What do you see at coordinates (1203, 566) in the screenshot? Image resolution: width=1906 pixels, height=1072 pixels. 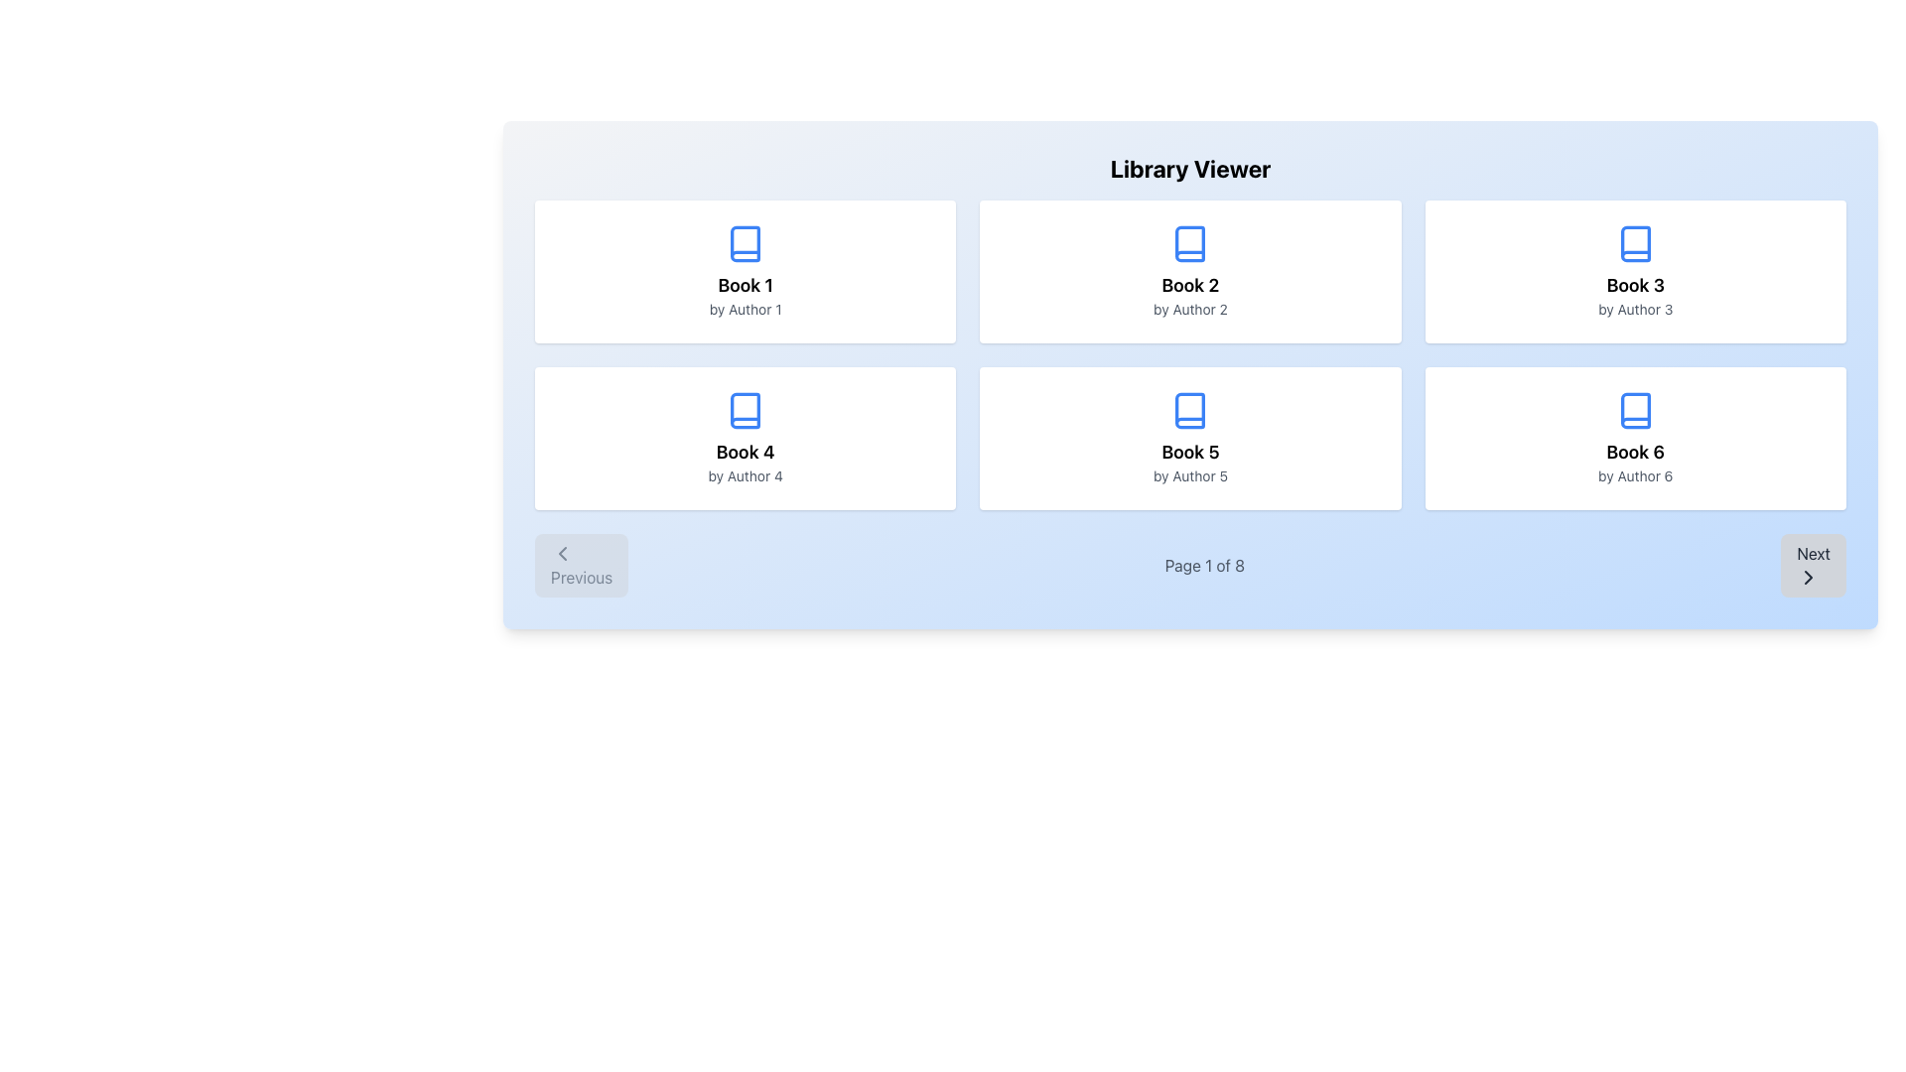 I see `the Static Text label displaying 'Page 1 of 8' located in the pagination controls, positioned centrally between the 'Previous' and 'Next' buttons` at bounding box center [1203, 566].